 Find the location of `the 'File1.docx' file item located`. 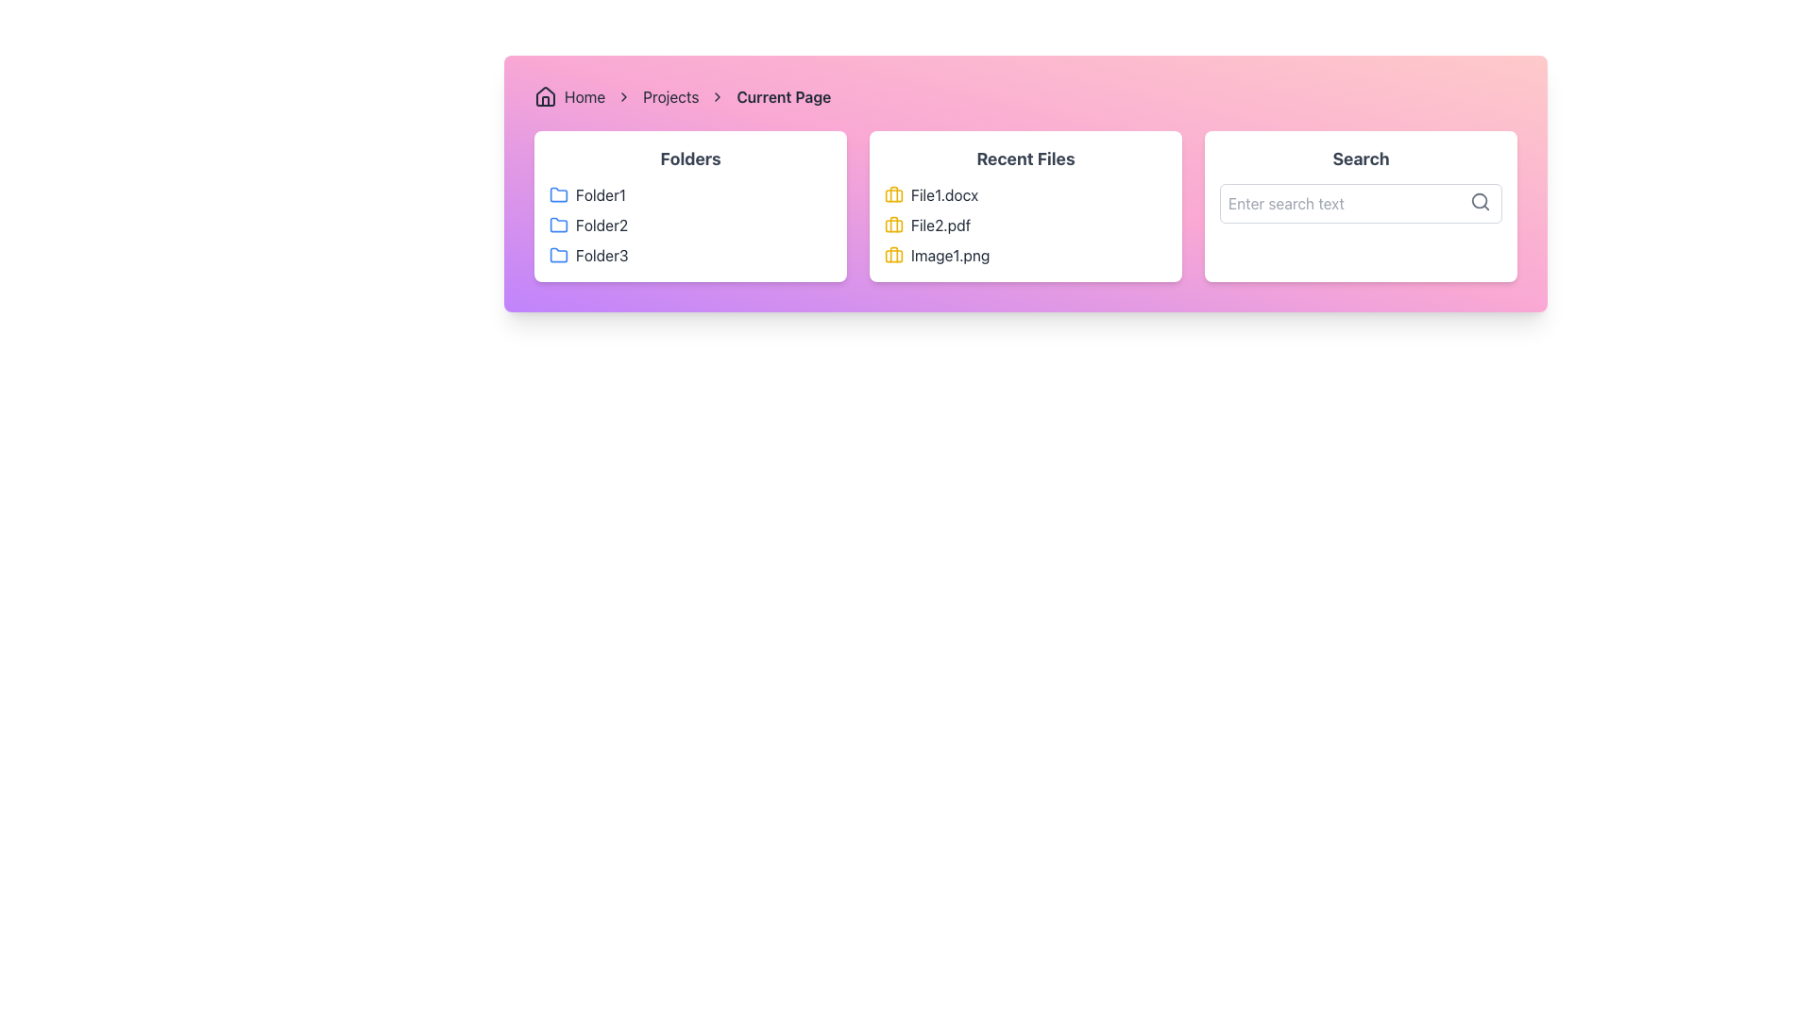

the 'File1.docx' file item located is located at coordinates (1025, 195).